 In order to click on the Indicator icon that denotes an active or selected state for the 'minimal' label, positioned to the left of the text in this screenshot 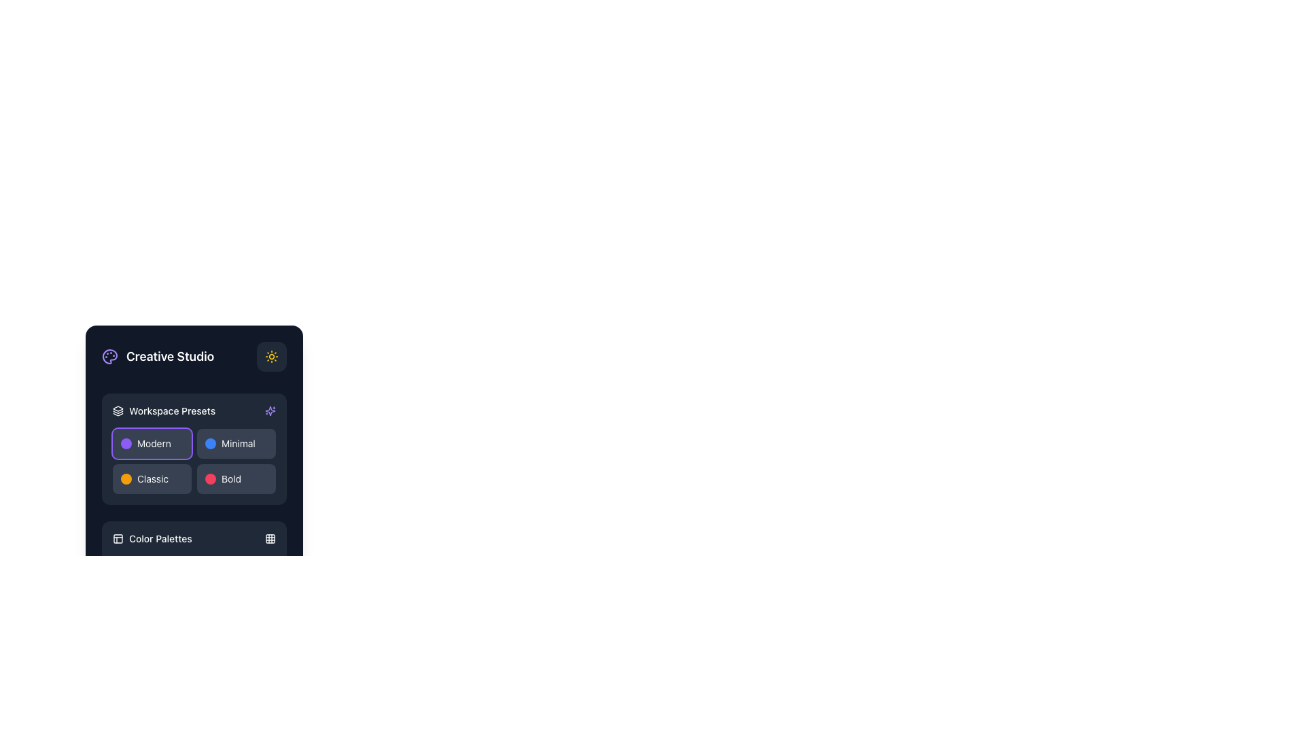, I will do `click(210, 443)`.